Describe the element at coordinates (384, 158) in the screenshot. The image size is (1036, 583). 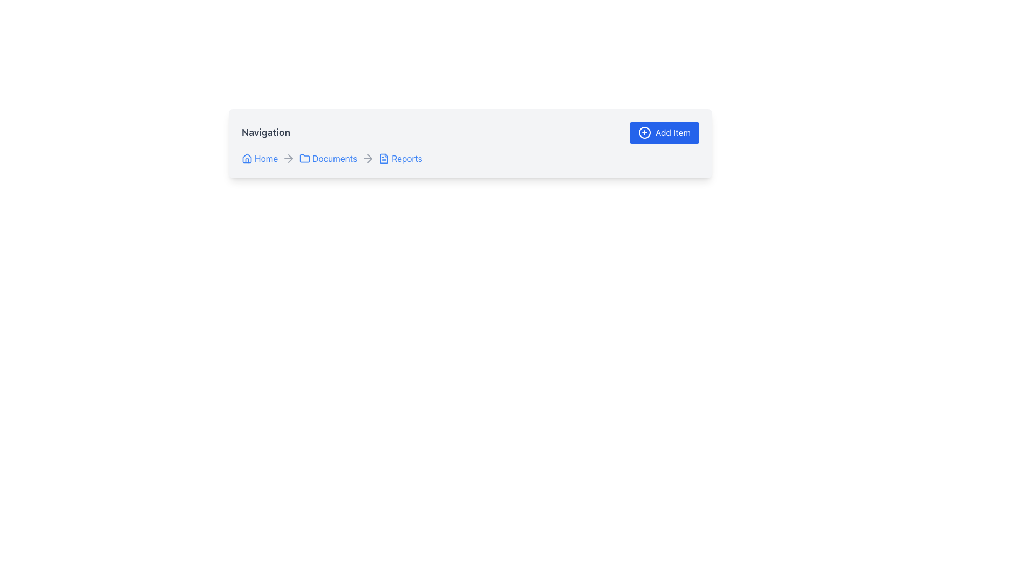
I see `the document icon with a blue outline located in the breadcrumb navigation next to the 'Reports' text` at that location.